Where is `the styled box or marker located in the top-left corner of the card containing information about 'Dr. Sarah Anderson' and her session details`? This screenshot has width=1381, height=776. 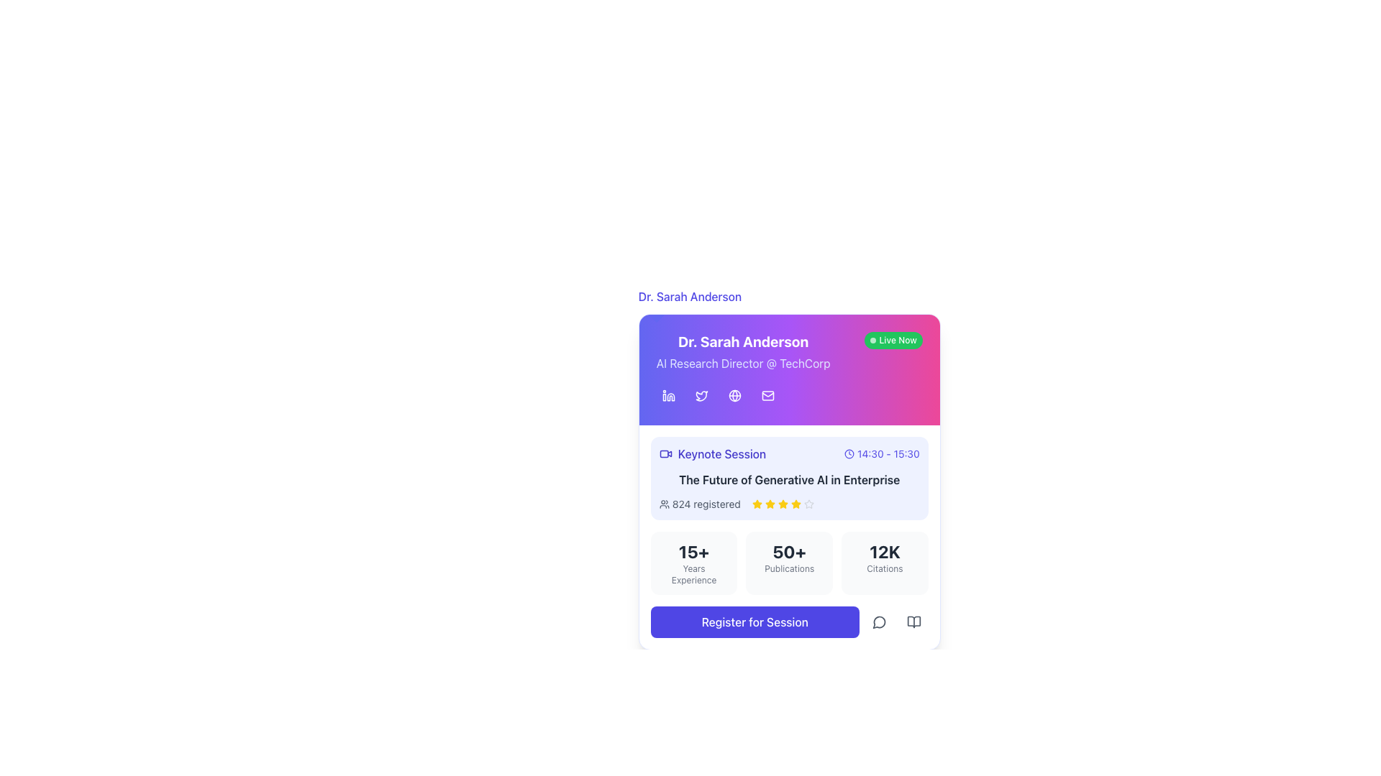 the styled box or marker located in the top-left corner of the card containing information about 'Dr. Sarah Anderson' and her session details is located at coordinates (655, 314).